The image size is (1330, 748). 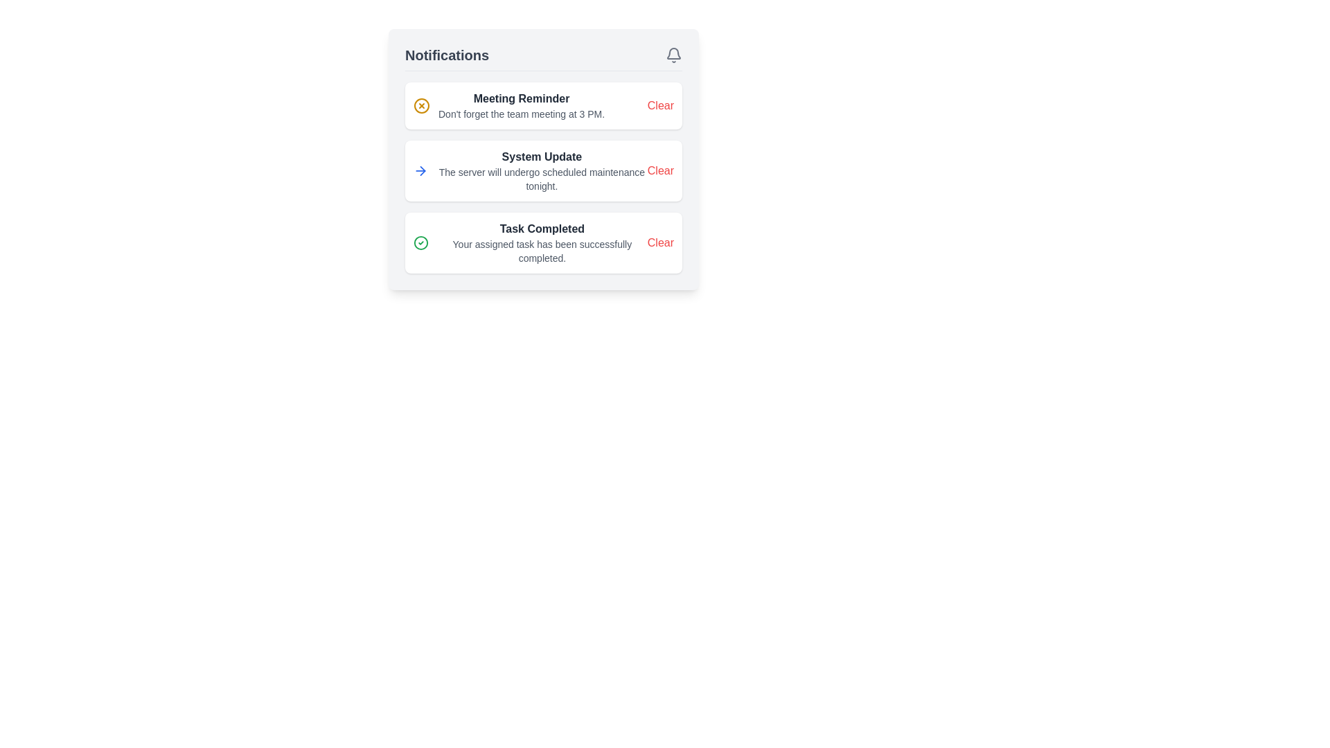 I want to click on notification message that indicates 'Task Completed' and provides details about the successful completion of the assigned task, located in the third section of the notification list, so click(x=529, y=242).